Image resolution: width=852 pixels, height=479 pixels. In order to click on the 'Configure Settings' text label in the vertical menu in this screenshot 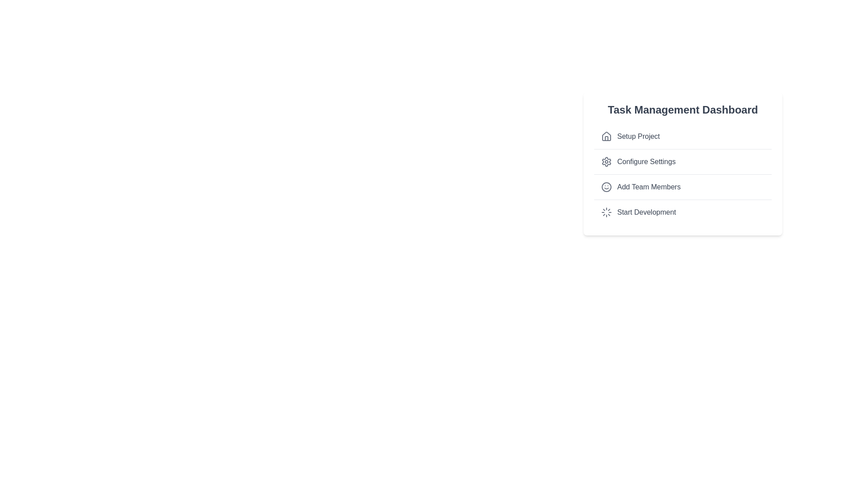, I will do `click(646, 162)`.